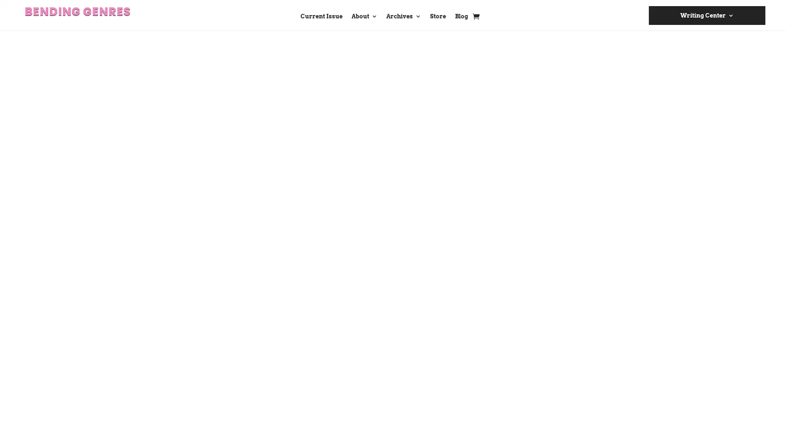 The height and width of the screenshot is (441, 785). I want to click on Add to cart, so click(201, 163).